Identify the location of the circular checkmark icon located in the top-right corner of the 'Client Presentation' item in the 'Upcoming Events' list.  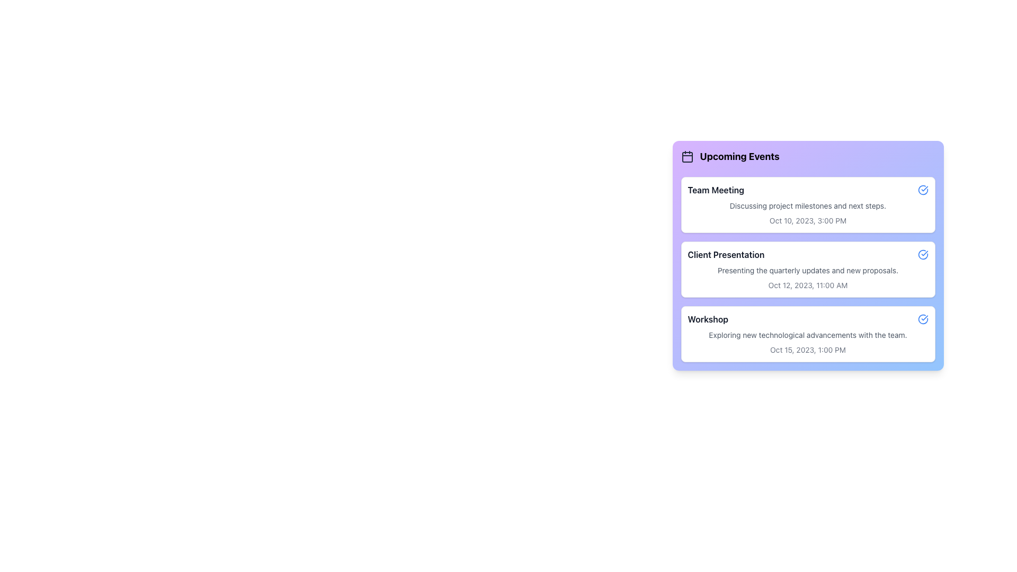
(922, 255).